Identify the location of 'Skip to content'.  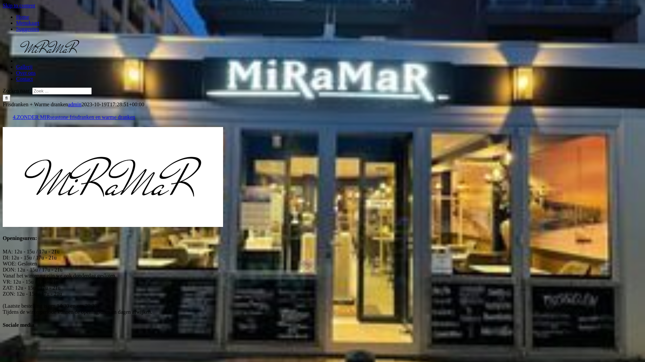
(19, 5).